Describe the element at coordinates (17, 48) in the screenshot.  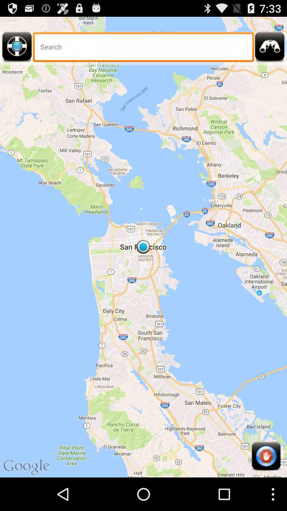
I see `get directions` at that location.